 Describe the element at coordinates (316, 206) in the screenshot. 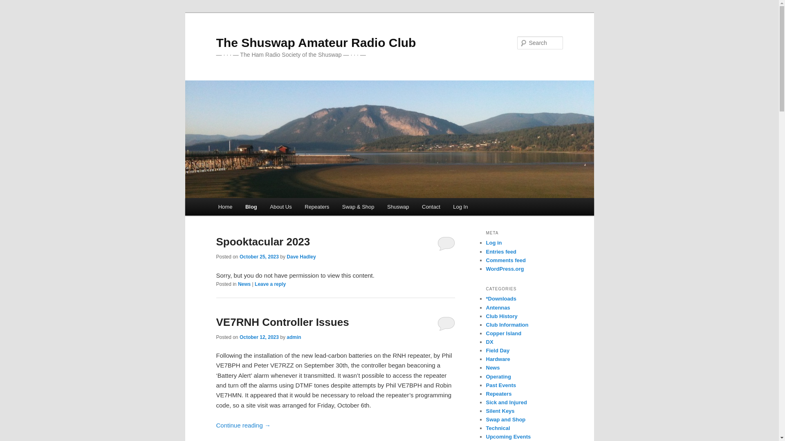

I see `'Repeaters'` at that location.